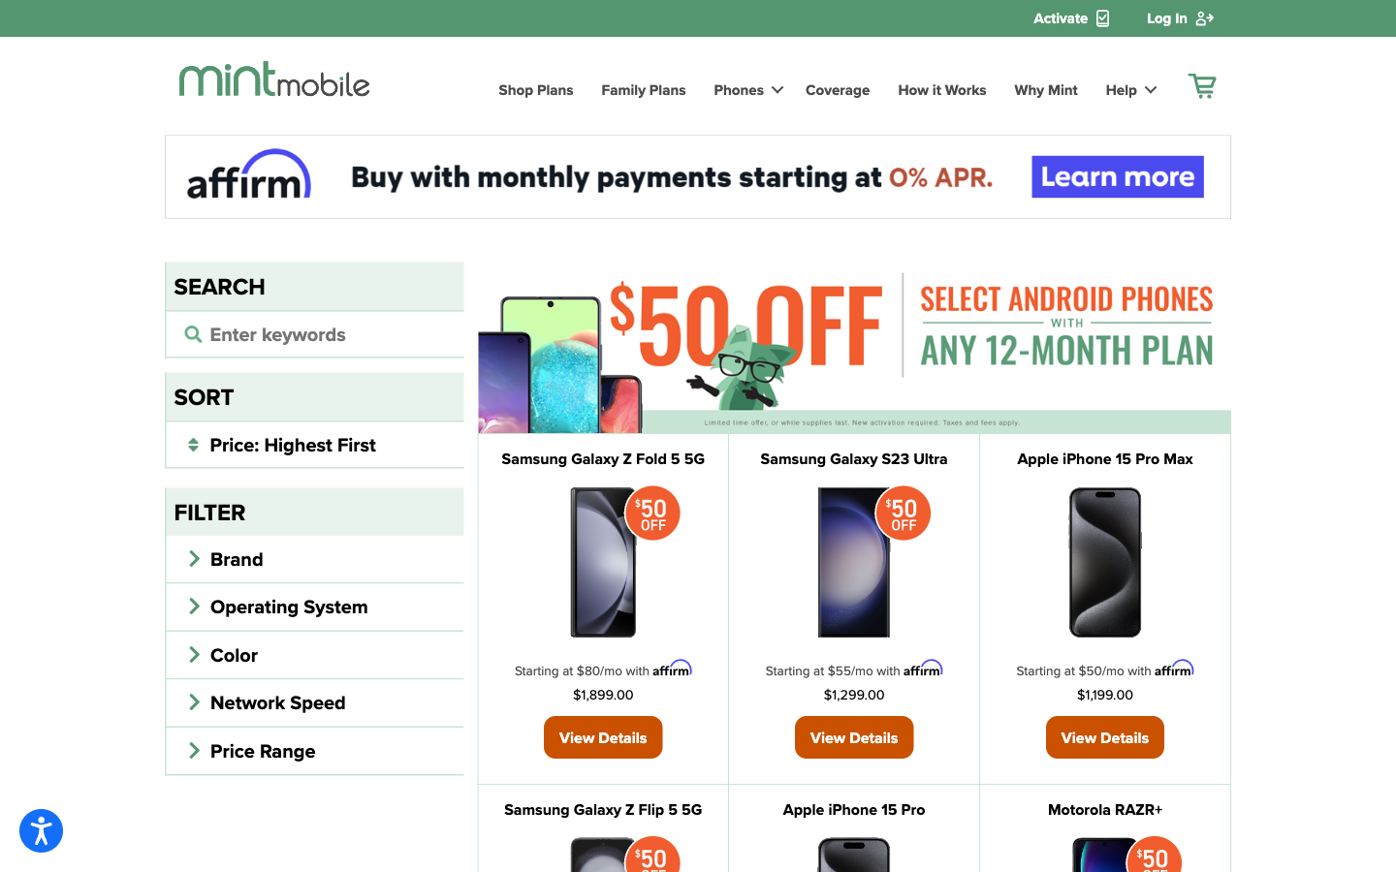 The height and width of the screenshot is (872, 1396). What do you see at coordinates (314, 332) in the screenshot?
I see `all available Samsung phones` at bounding box center [314, 332].